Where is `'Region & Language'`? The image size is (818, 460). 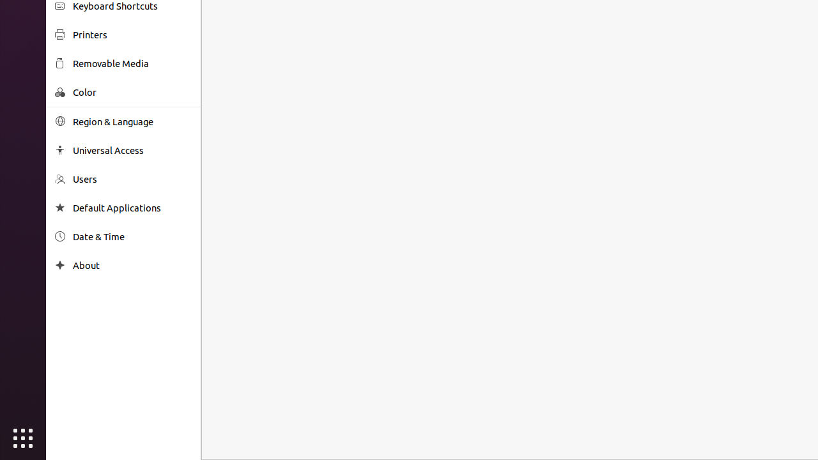 'Region & Language' is located at coordinates (132, 121).